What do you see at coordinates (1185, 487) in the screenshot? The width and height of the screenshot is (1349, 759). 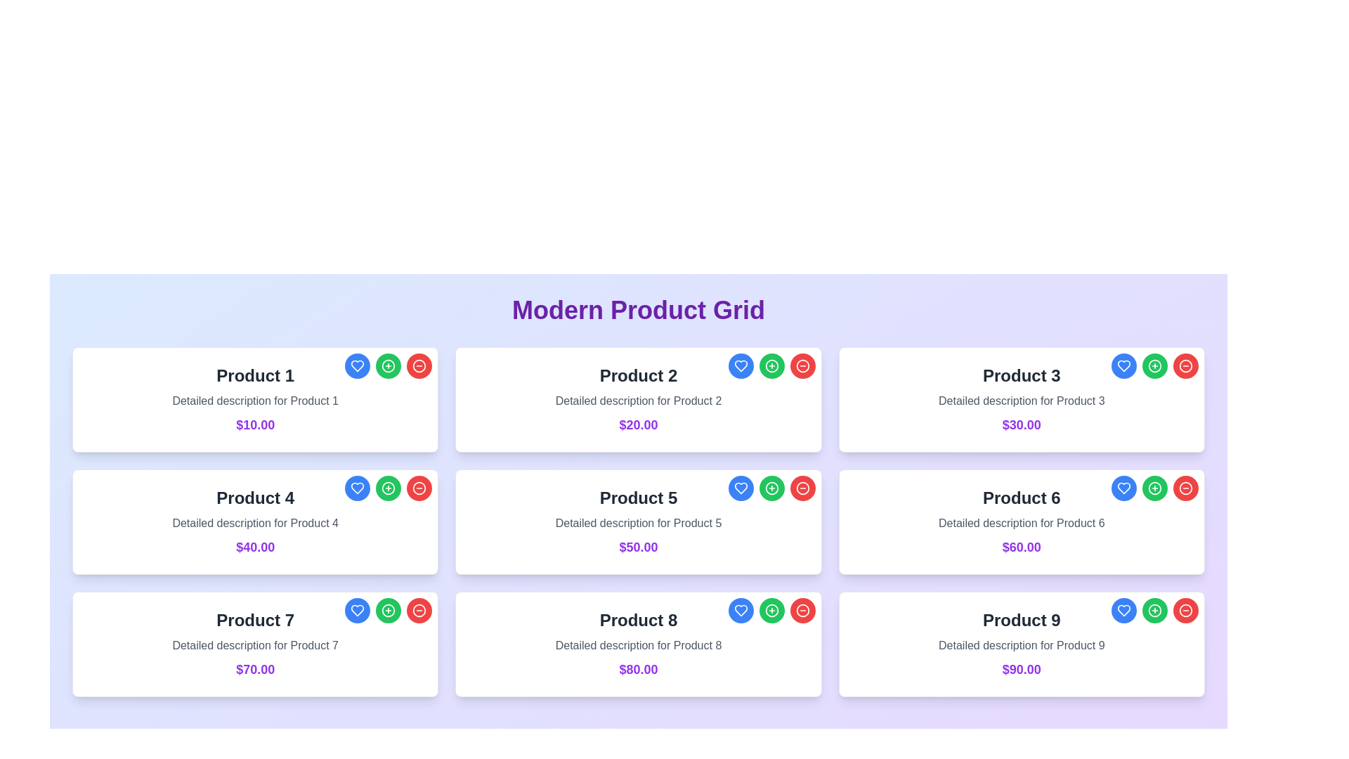 I see `the circular red button with a white minus sign, which is the third icon in the action icons list for 'Product 3' in the product grid layout` at bounding box center [1185, 487].